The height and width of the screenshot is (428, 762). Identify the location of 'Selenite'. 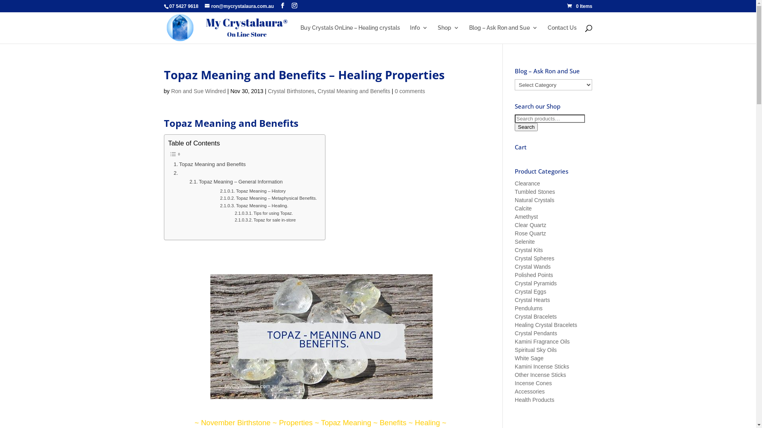
(514, 241).